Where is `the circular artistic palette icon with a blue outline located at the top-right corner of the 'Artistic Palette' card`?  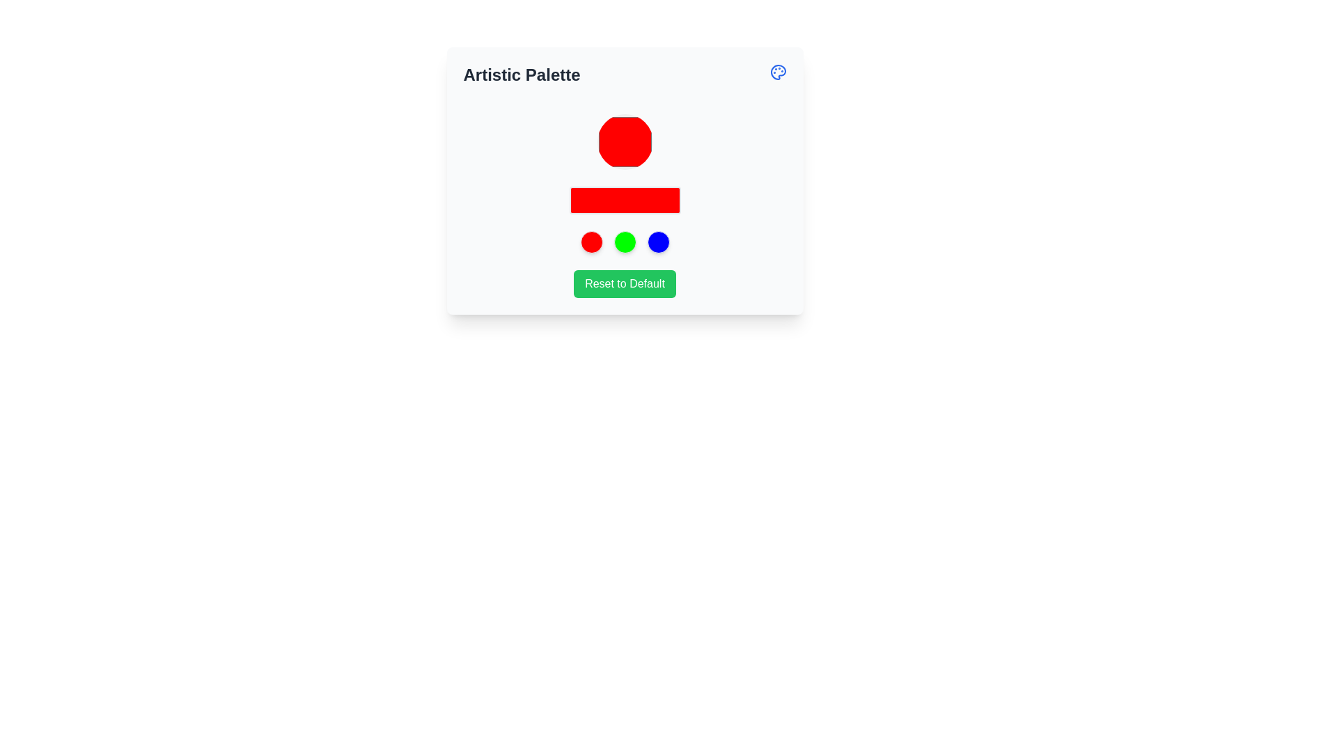 the circular artistic palette icon with a blue outline located at the top-right corner of the 'Artistic Palette' card is located at coordinates (777, 72).